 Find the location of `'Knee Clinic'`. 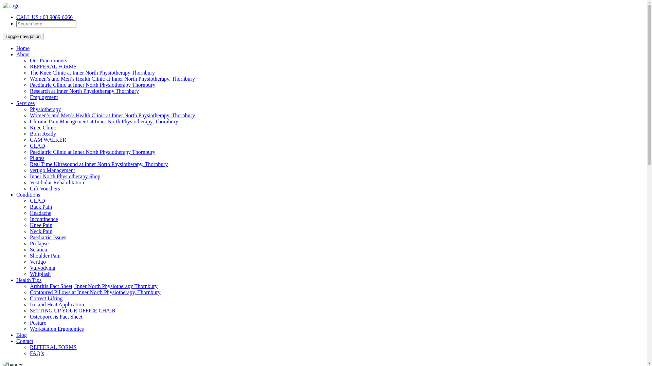

'Knee Clinic' is located at coordinates (42, 127).